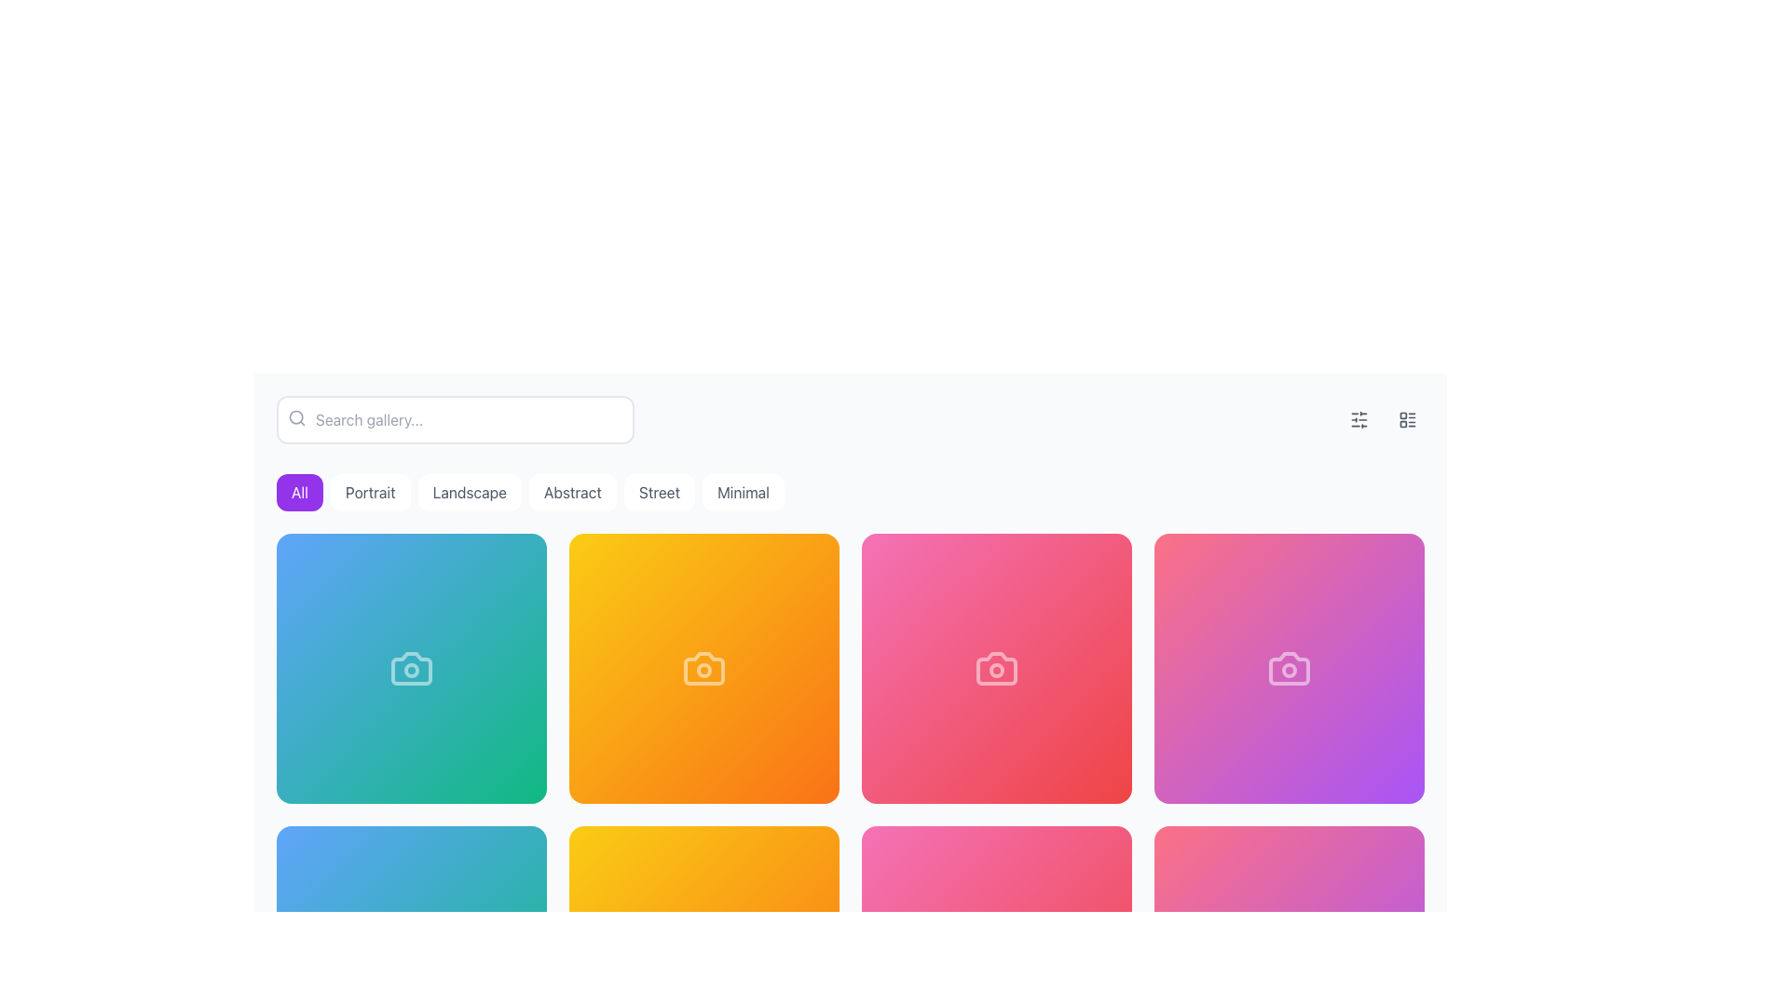 This screenshot has width=1789, height=1006. I want to click on the camera outline icon located in the first row and first column of a 3x3 grid of colorful gradient boxes, which is positioned at the center of a blue-green gradient box, so click(410, 667).